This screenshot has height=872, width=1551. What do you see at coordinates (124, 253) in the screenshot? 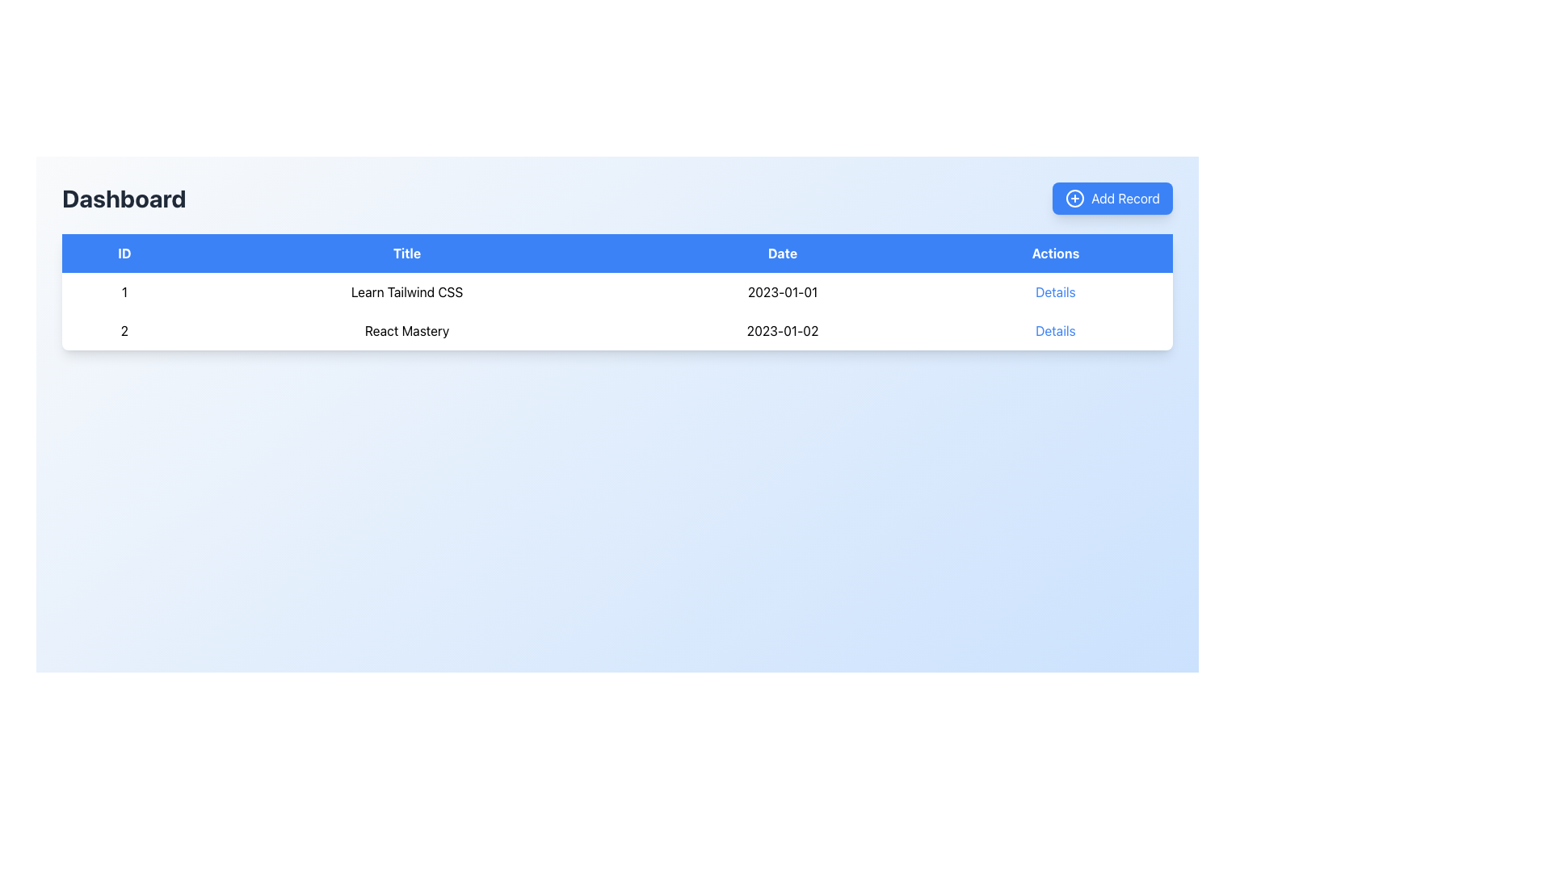
I see `the 'ID' column header text label, which is the first element in a row of four similar elements in a table layout` at bounding box center [124, 253].